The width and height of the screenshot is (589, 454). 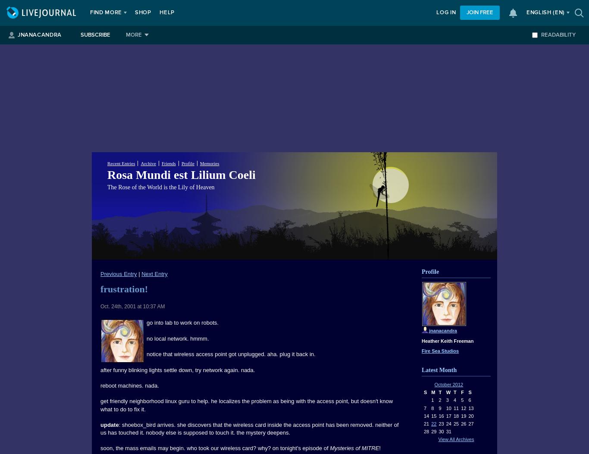 What do you see at coordinates (462, 392) in the screenshot?
I see `'F'` at bounding box center [462, 392].